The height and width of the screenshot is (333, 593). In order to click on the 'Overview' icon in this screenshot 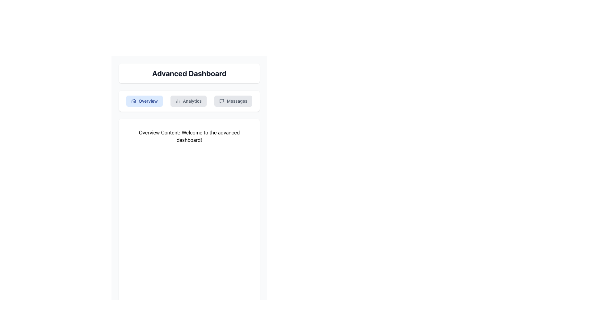, I will do `click(133, 101)`.